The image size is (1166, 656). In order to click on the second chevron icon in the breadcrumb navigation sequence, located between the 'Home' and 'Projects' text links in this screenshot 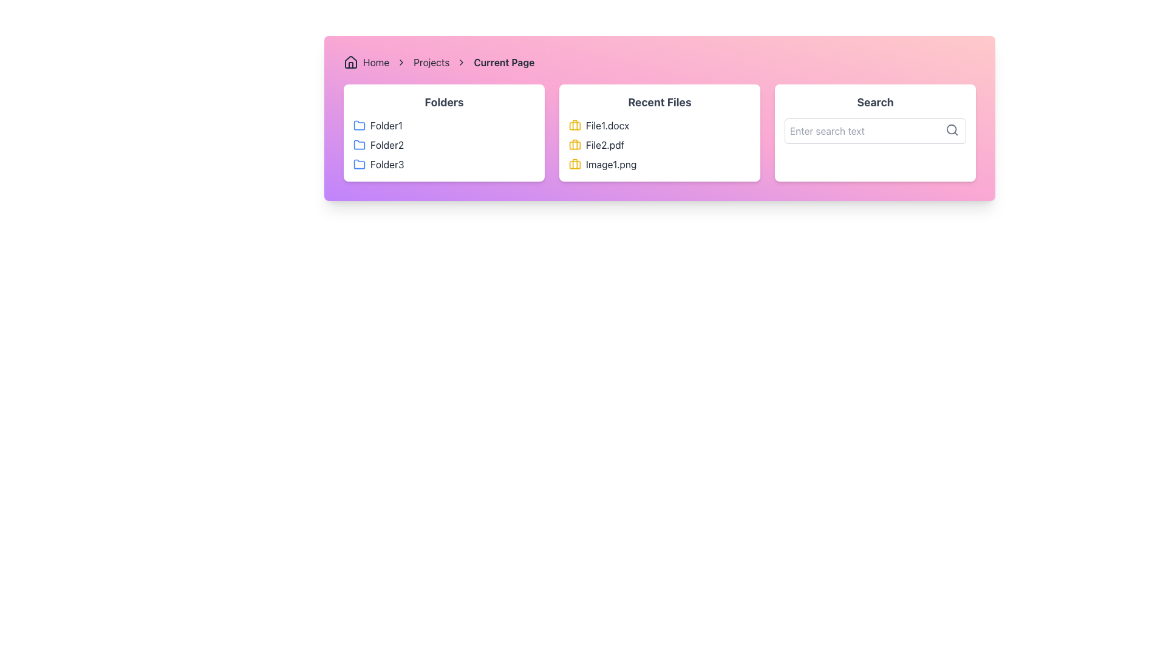, I will do `click(401, 63)`.